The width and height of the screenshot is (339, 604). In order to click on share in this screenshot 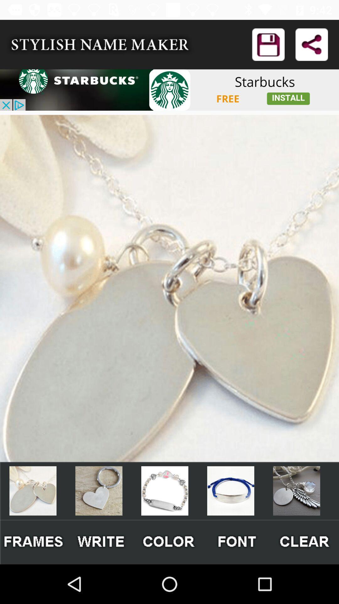, I will do `click(311, 44)`.